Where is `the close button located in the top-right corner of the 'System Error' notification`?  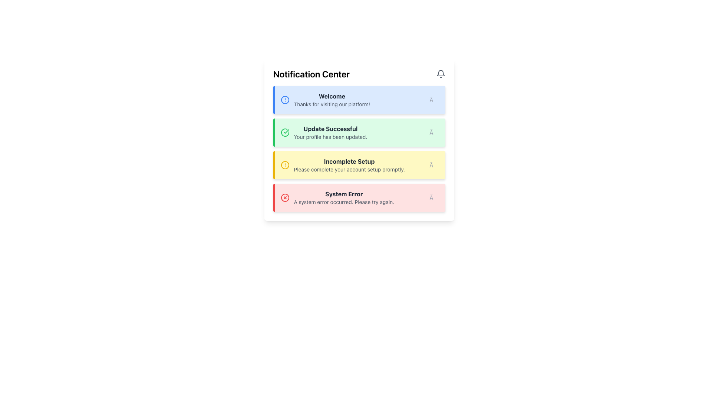 the close button located in the top-right corner of the 'System Error' notification is located at coordinates (434, 197).